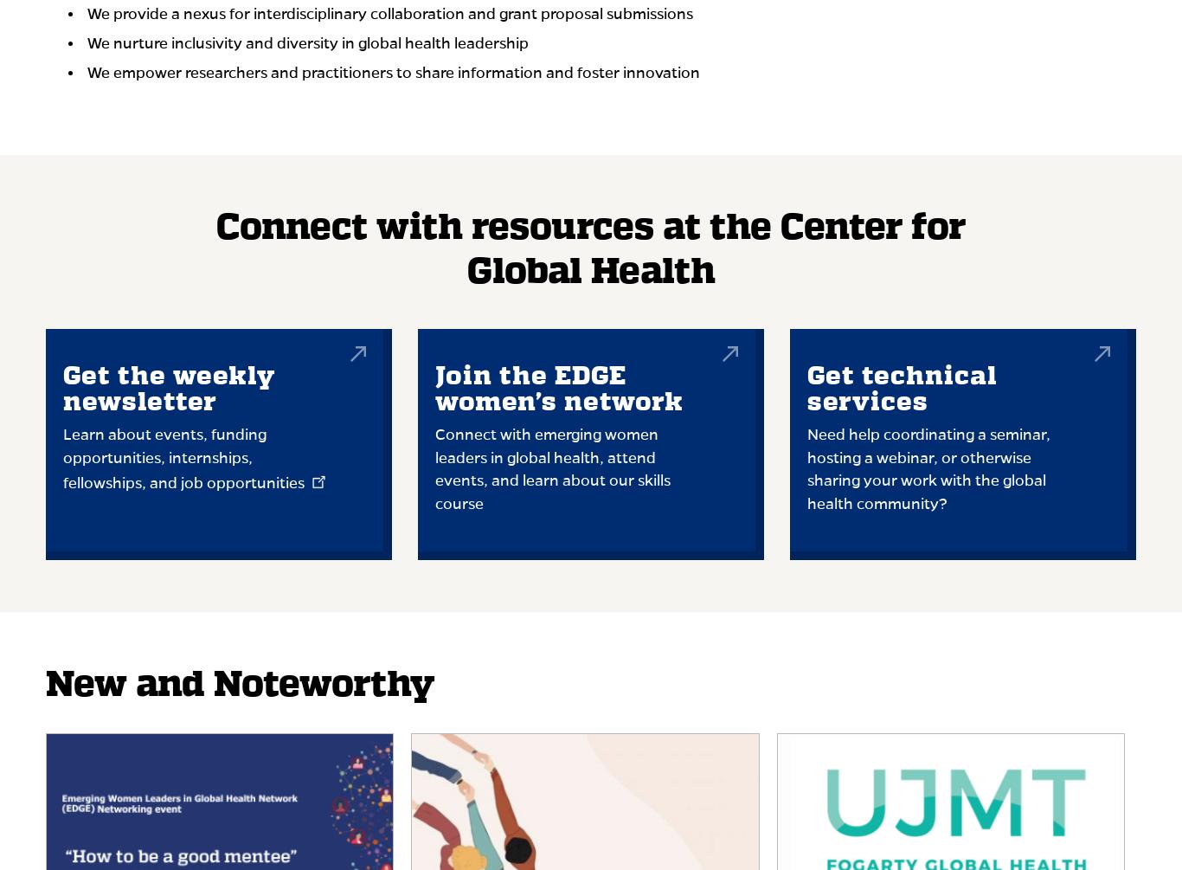  I want to click on 'New and Noteworthy', so click(240, 685).